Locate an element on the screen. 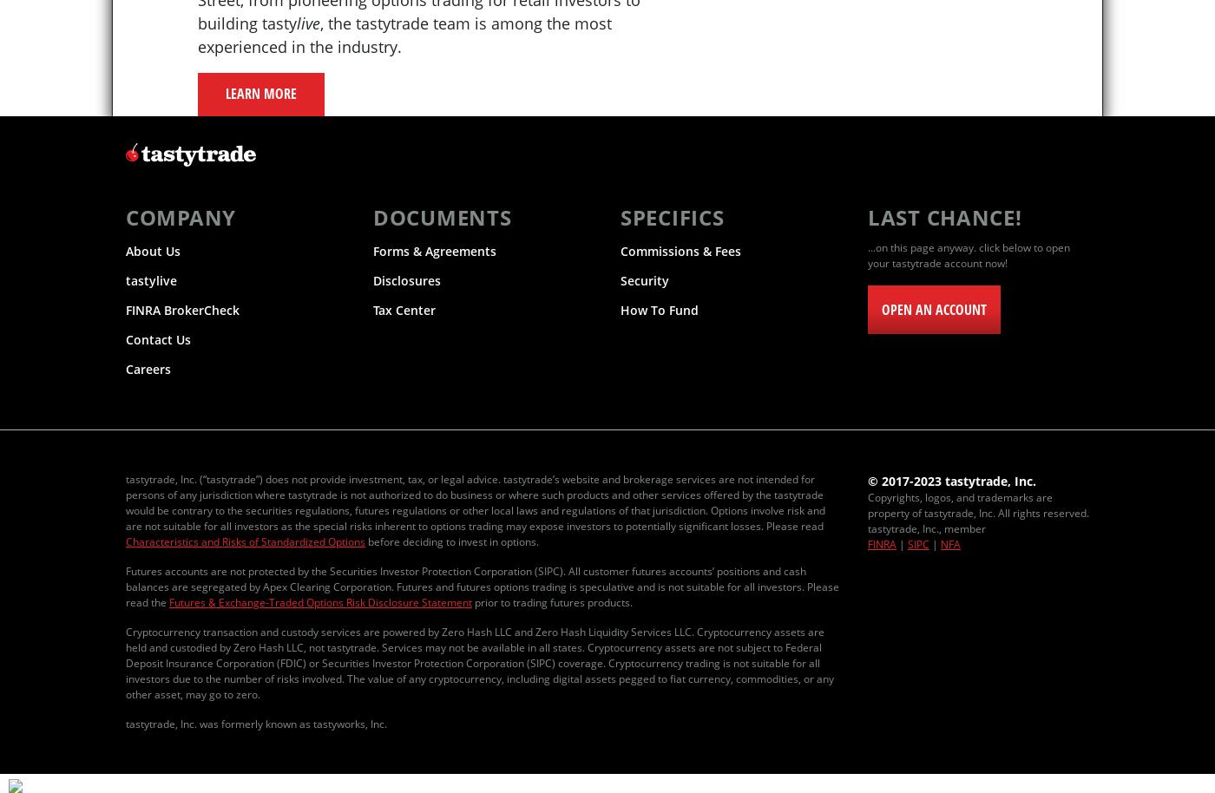  'About Us' is located at coordinates (153, 251).